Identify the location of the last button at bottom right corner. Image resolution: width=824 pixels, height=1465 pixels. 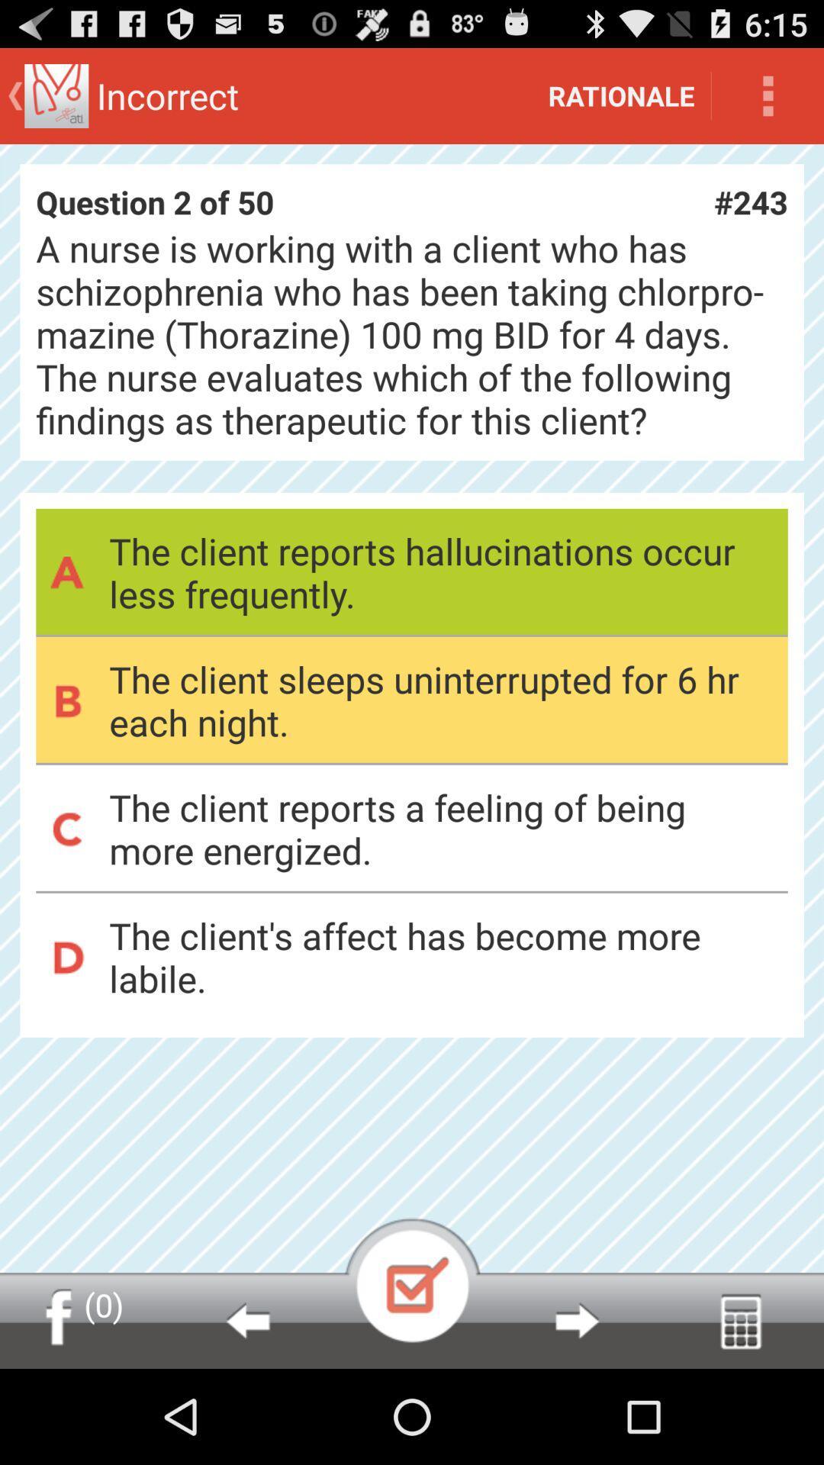
(740, 1320).